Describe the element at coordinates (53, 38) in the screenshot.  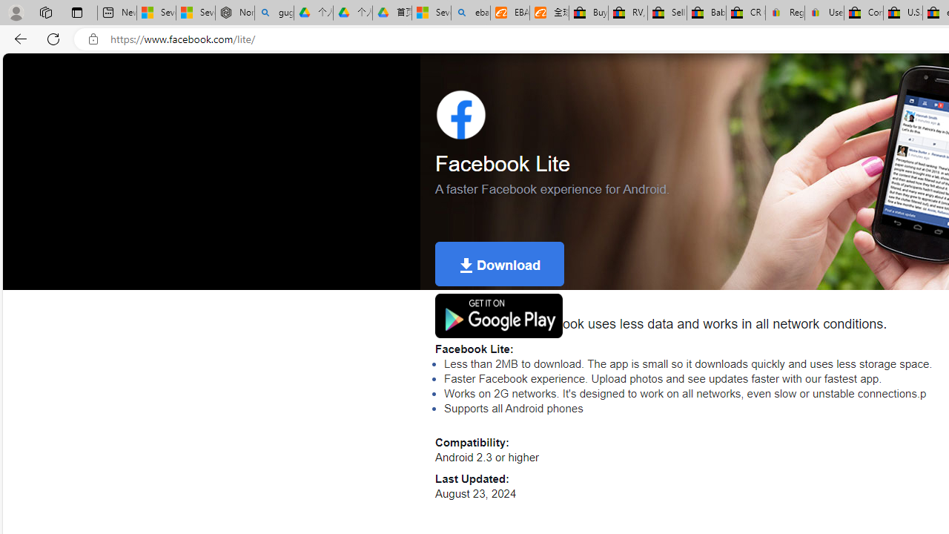
I see `'Refresh'` at that location.